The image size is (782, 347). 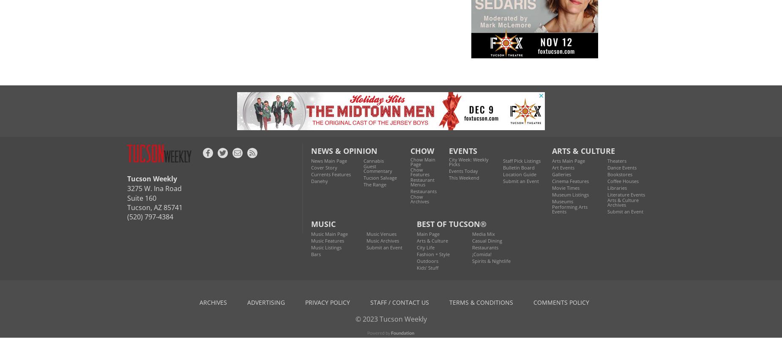 What do you see at coordinates (154, 206) in the screenshot?
I see `'Tucson, AZ 85741'` at bounding box center [154, 206].